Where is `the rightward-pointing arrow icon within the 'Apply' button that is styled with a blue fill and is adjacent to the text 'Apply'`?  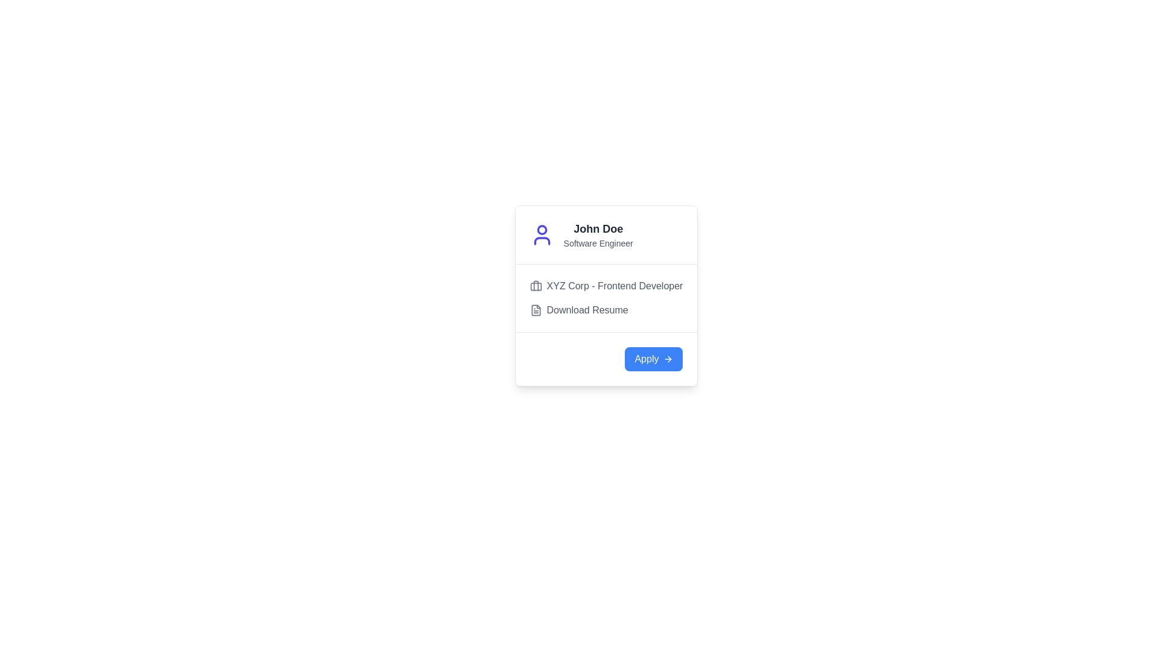
the rightward-pointing arrow icon within the 'Apply' button that is styled with a blue fill and is adjacent to the text 'Apply' is located at coordinates (668, 359).